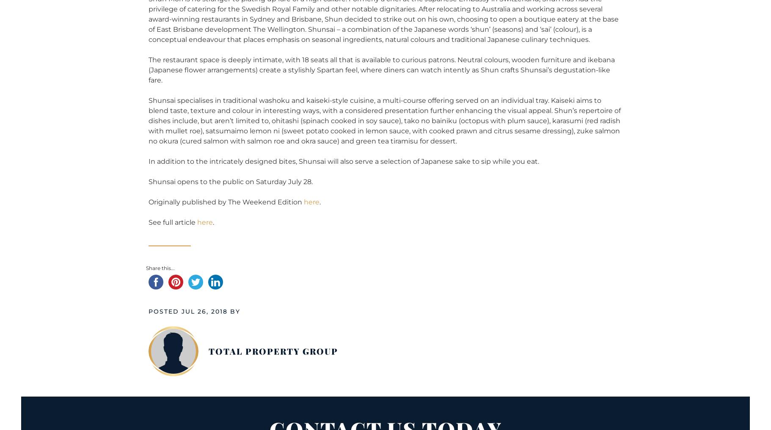 This screenshot has height=430, width=771. Describe the element at coordinates (194, 311) in the screenshot. I see `'Posted Jul 26, 2018 by'` at that location.